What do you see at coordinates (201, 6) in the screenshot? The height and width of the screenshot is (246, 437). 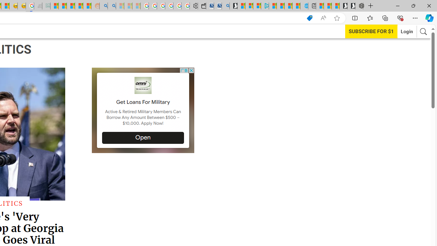 I see `'Wallet'` at bounding box center [201, 6].